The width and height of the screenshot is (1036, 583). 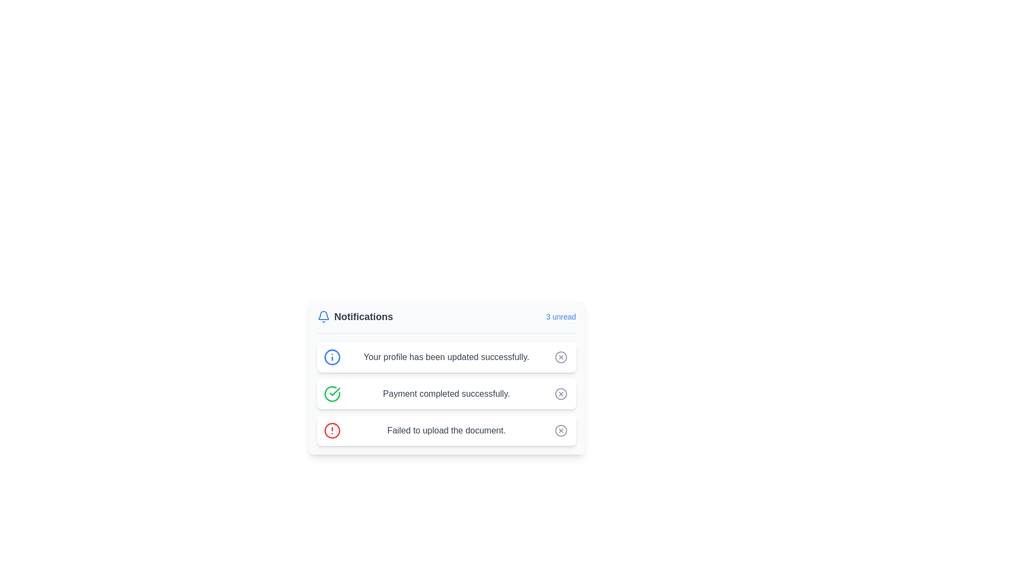 I want to click on attributes of the green tick mark icon indicating a successful payment operation, located in the second notification row to the left of the text 'Payment completed successfully.', so click(x=334, y=391).